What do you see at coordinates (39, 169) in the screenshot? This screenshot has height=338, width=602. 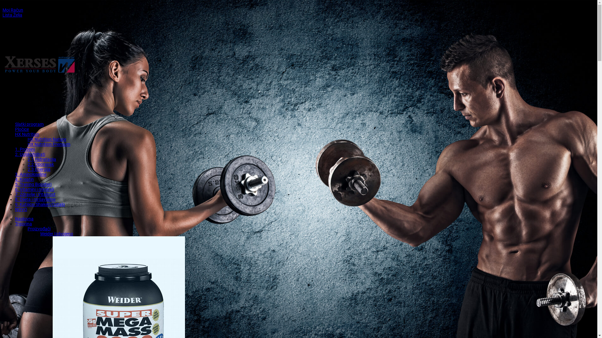 I see `'2.3 Energija'` at bounding box center [39, 169].